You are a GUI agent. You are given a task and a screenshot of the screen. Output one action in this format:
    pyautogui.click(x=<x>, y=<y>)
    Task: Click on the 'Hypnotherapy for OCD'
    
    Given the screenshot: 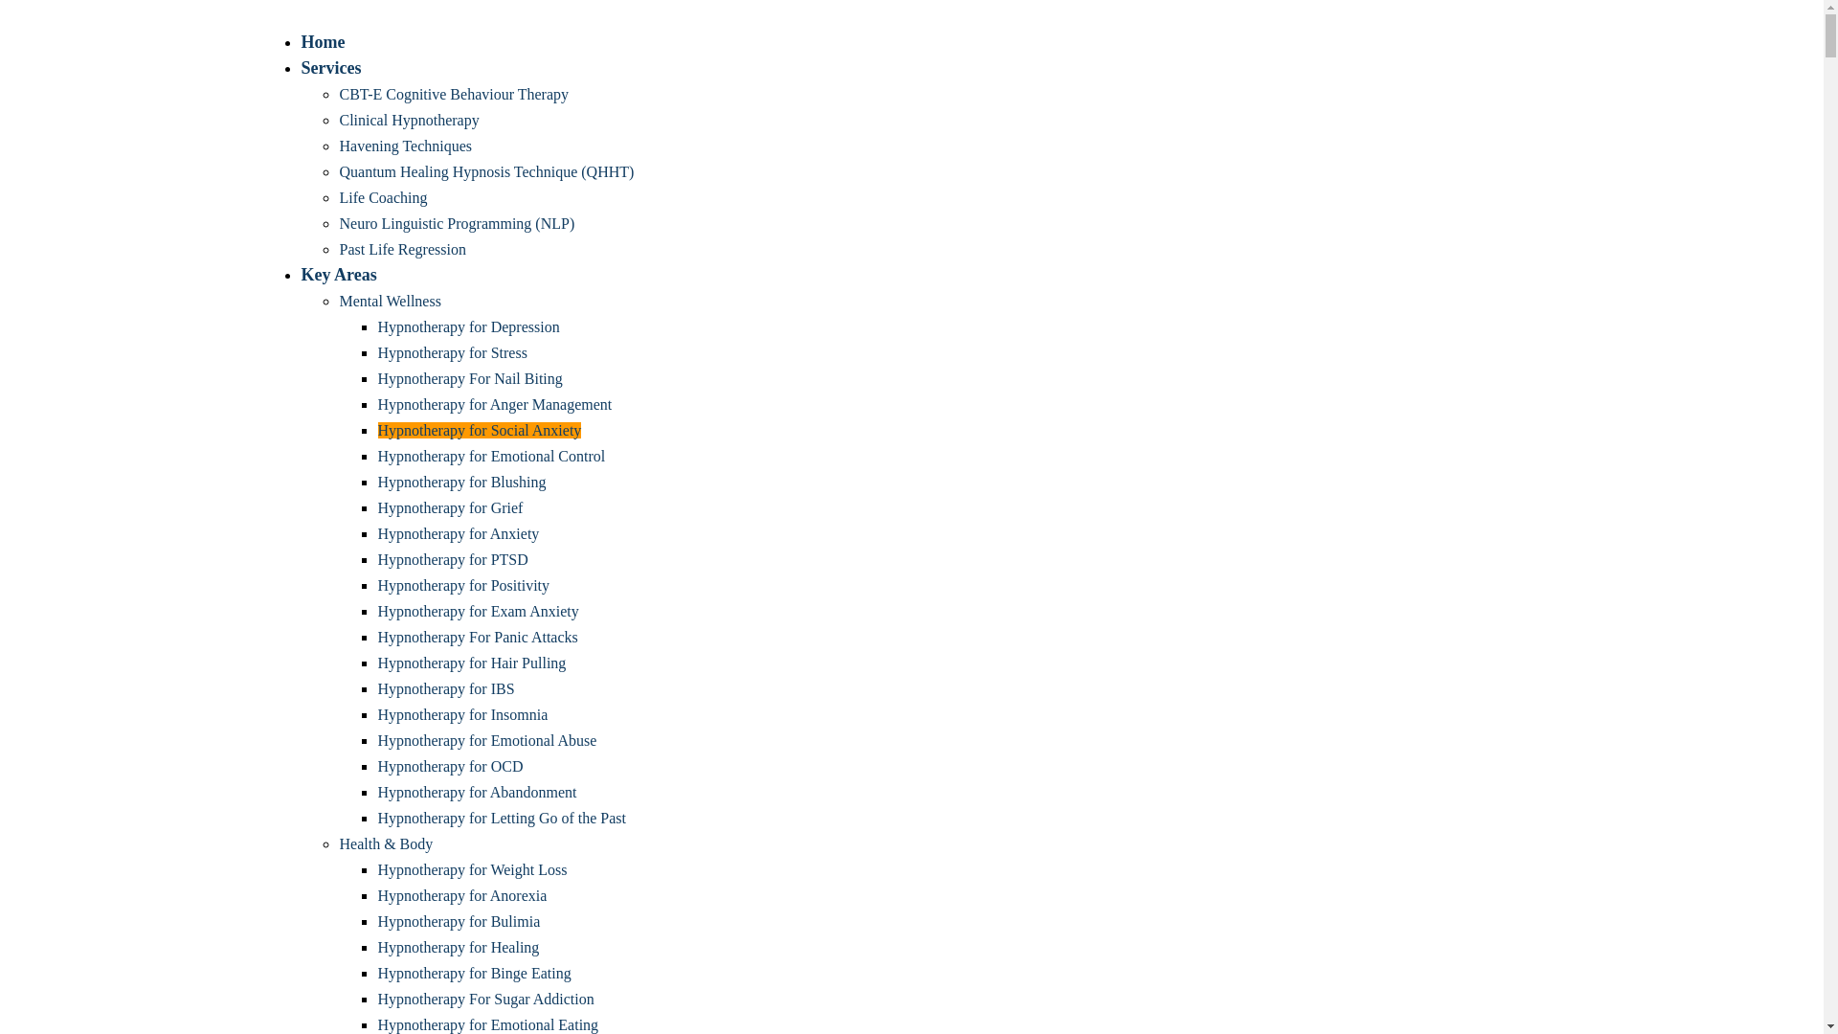 What is the action you would take?
    pyautogui.click(x=449, y=765)
    